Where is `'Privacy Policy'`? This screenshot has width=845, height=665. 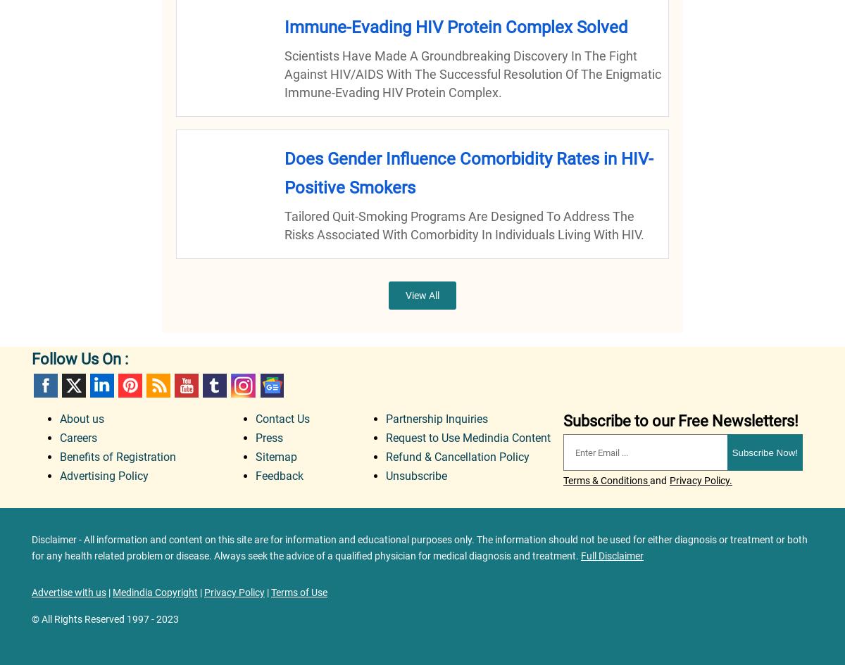 'Privacy Policy' is located at coordinates (234, 592).